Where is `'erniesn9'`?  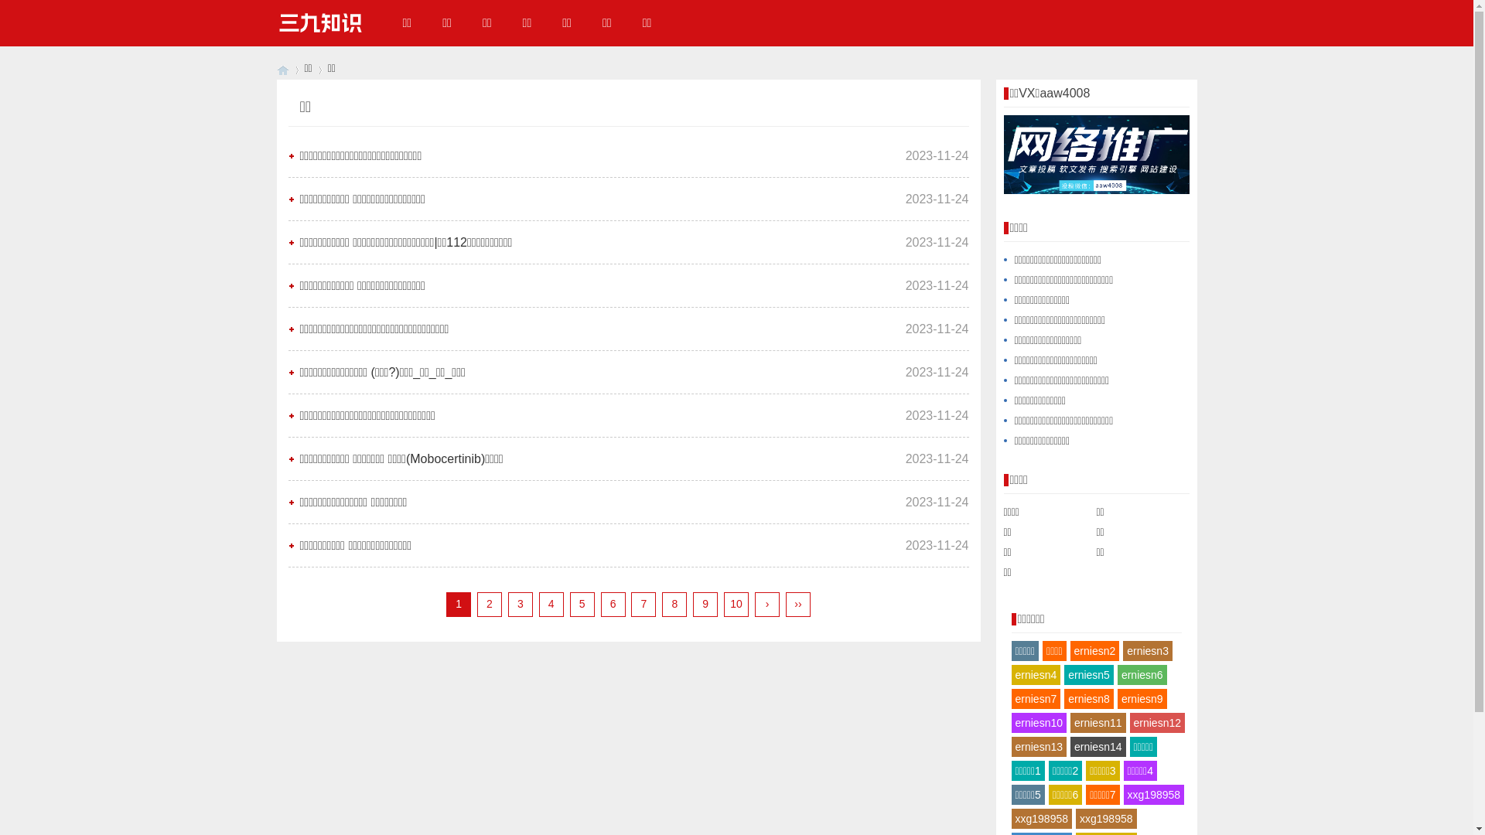
'erniesn9' is located at coordinates (1142, 698).